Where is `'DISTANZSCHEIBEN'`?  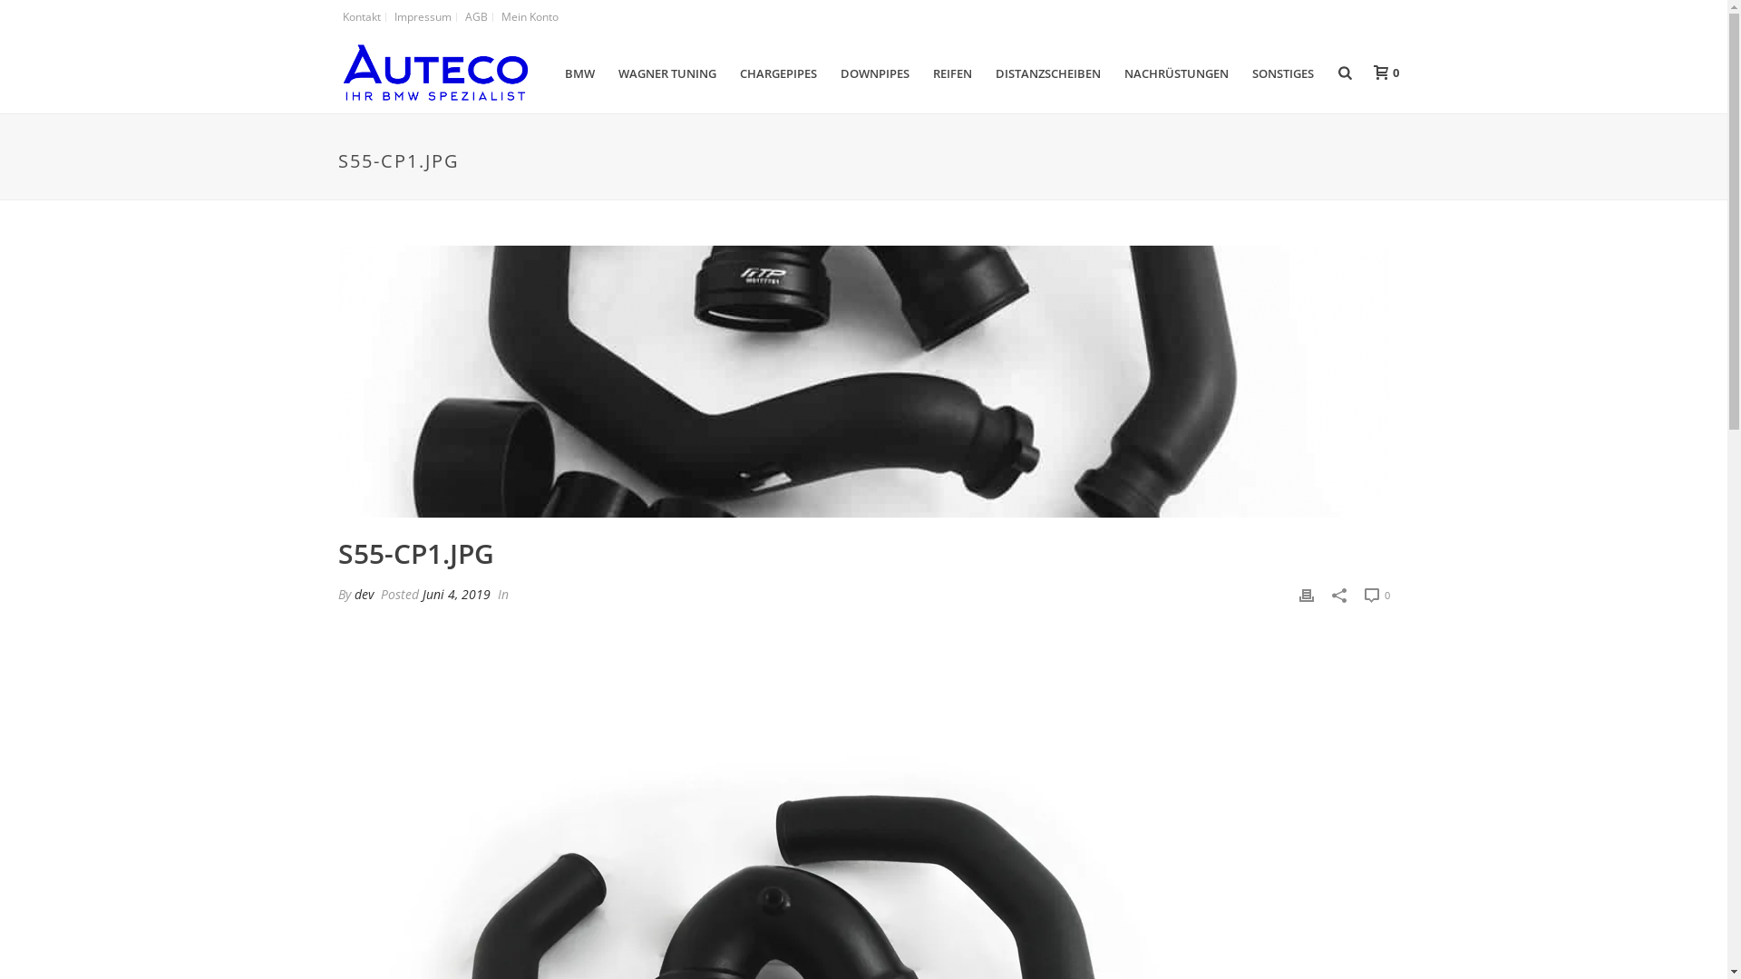
'DISTANZSCHEIBEN' is located at coordinates (1048, 73).